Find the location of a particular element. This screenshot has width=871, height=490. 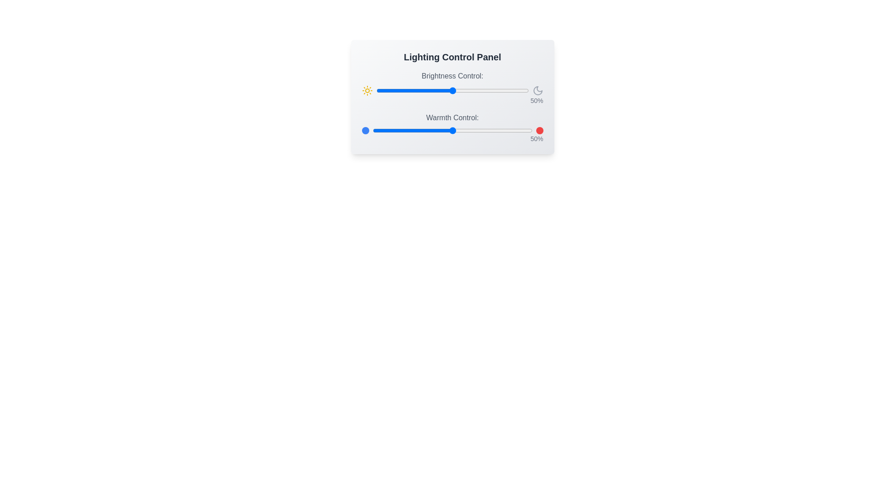

the small circular red button located at the end of the second slider in the 'Warmth Control' section is located at coordinates (539, 131).